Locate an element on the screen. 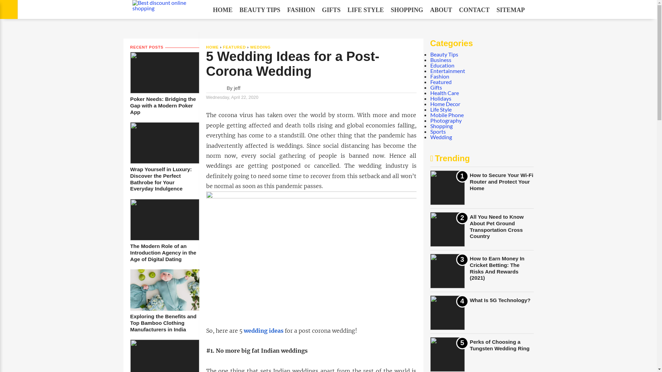  'Gifts' is located at coordinates (436, 87).